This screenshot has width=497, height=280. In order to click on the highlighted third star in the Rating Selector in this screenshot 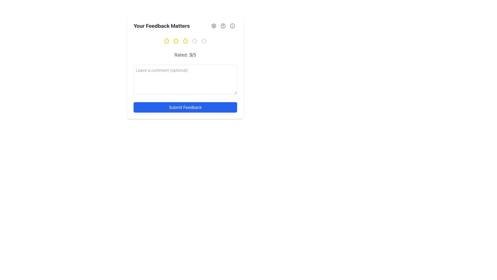, I will do `click(185, 41)`.